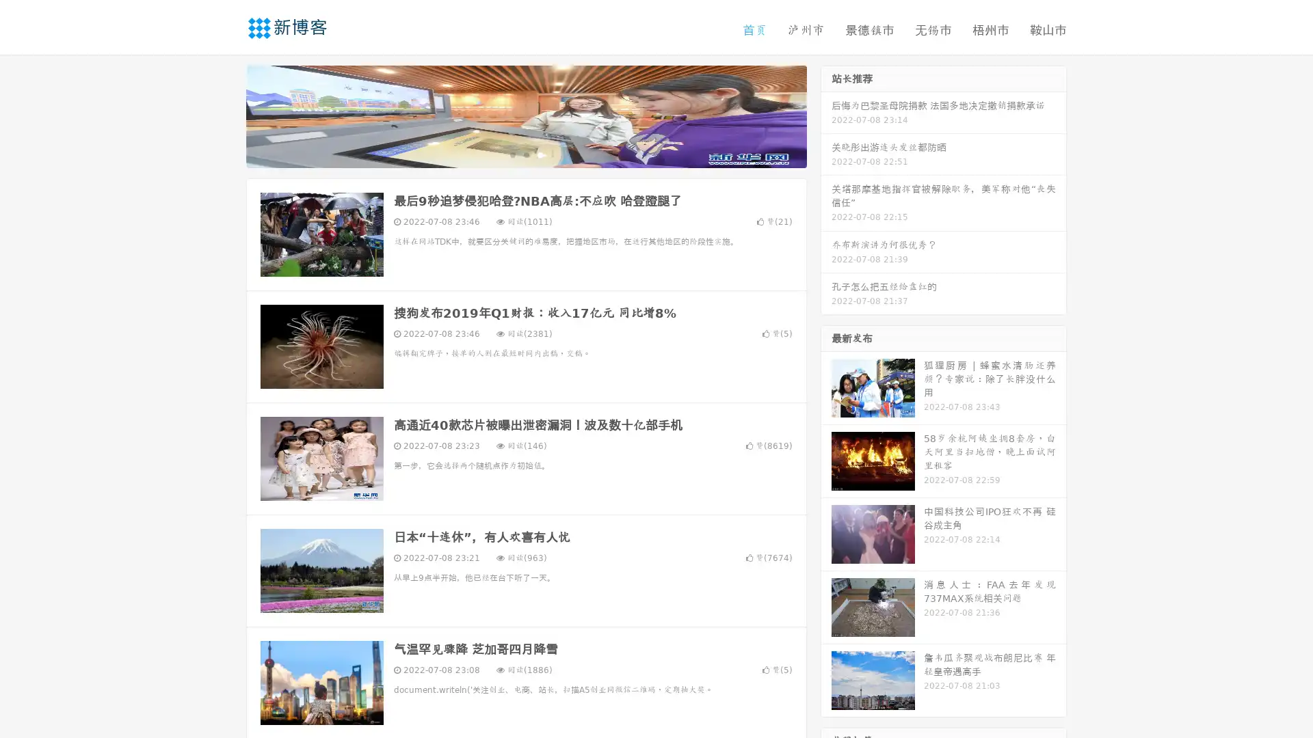 The image size is (1313, 738). I want to click on Previous slide, so click(226, 115).